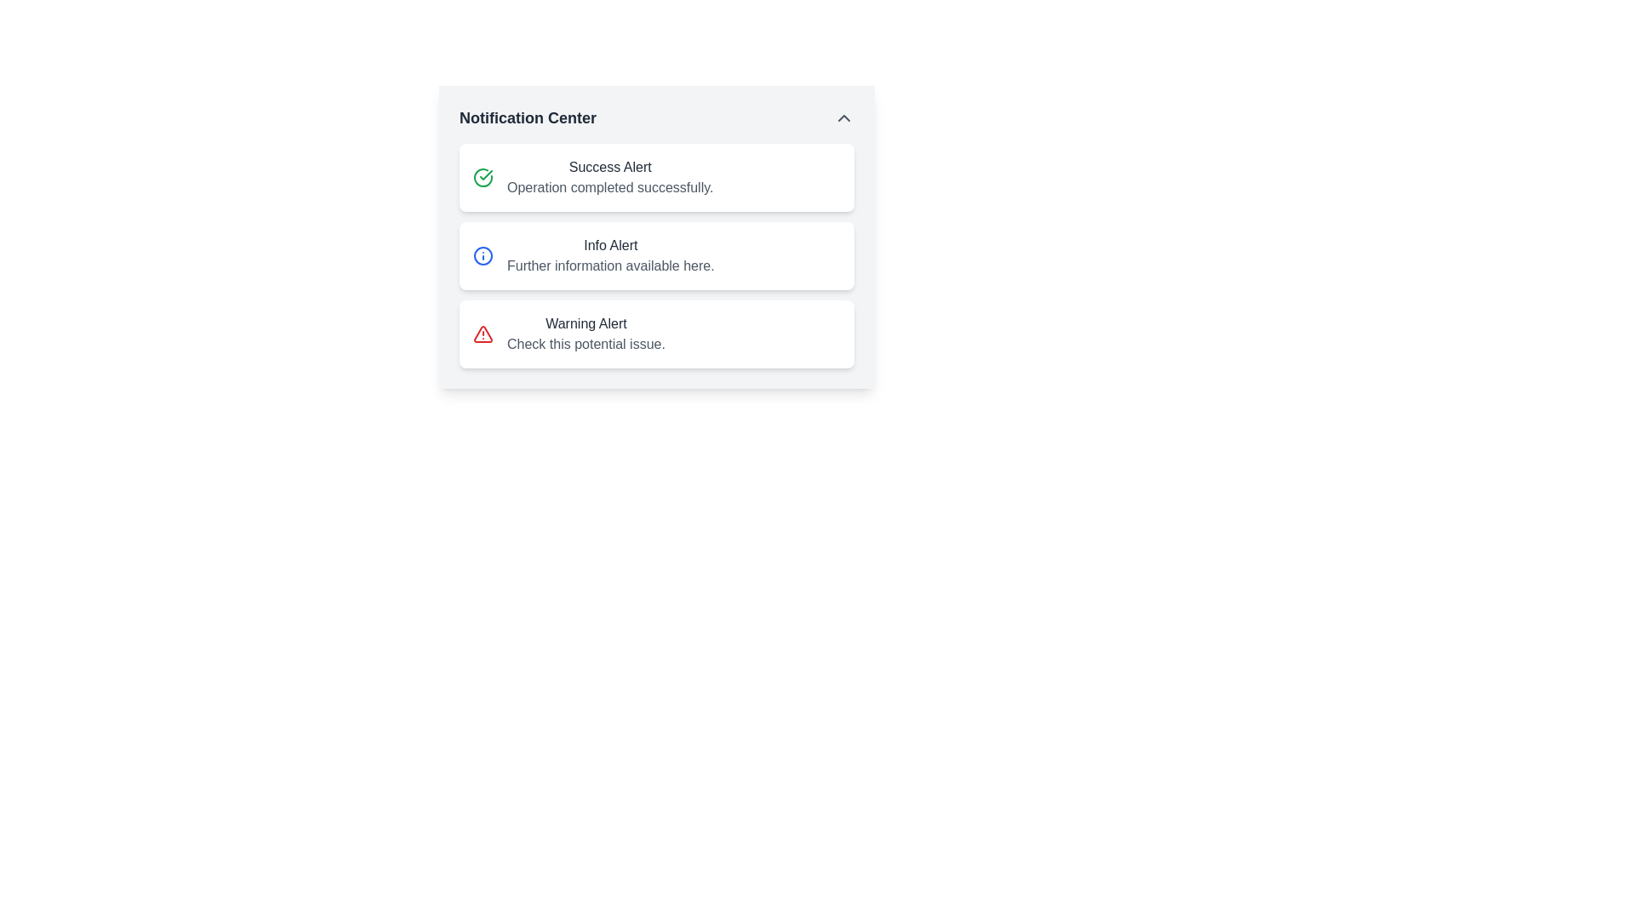 The height and width of the screenshot is (919, 1634). I want to click on success notification message from the TextBlock located at the top of the notification center, directly below the title and above other alerts, so click(610, 177).